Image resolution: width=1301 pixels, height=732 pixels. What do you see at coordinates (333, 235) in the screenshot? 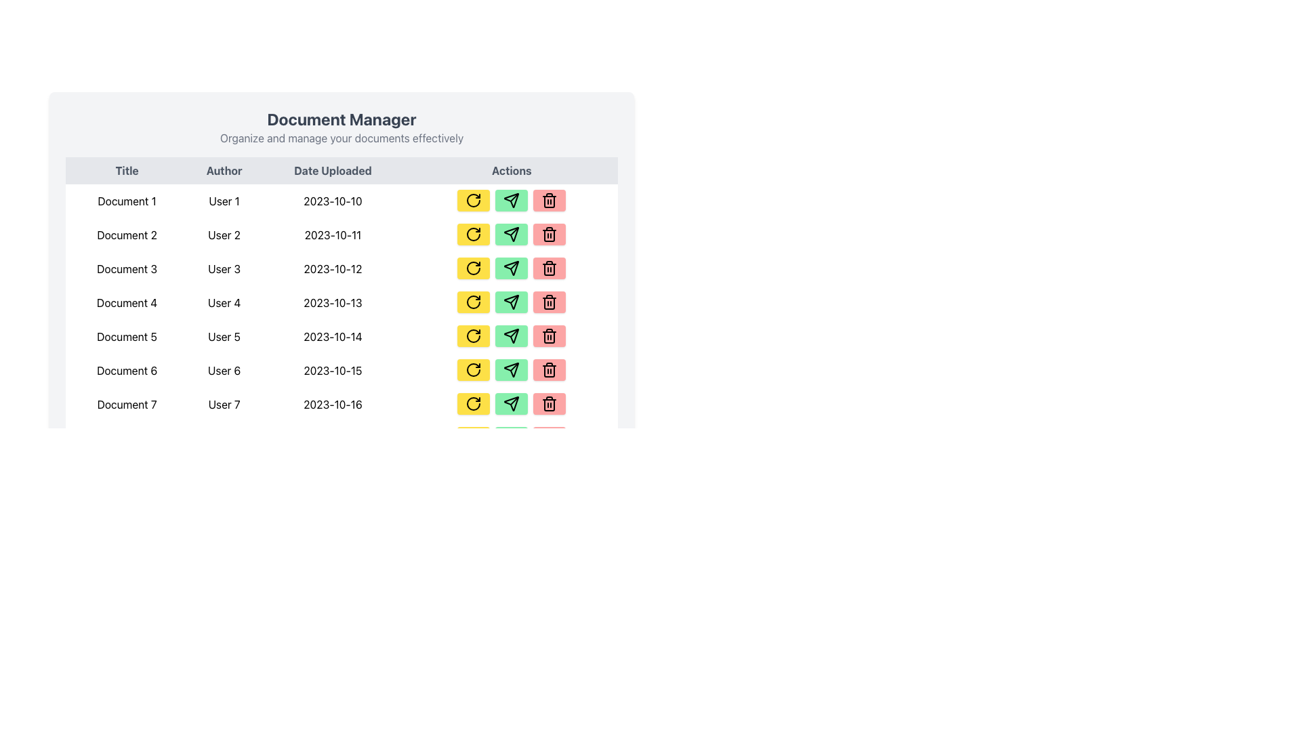
I see `the text label displaying the upload date for 'Document 2'` at bounding box center [333, 235].